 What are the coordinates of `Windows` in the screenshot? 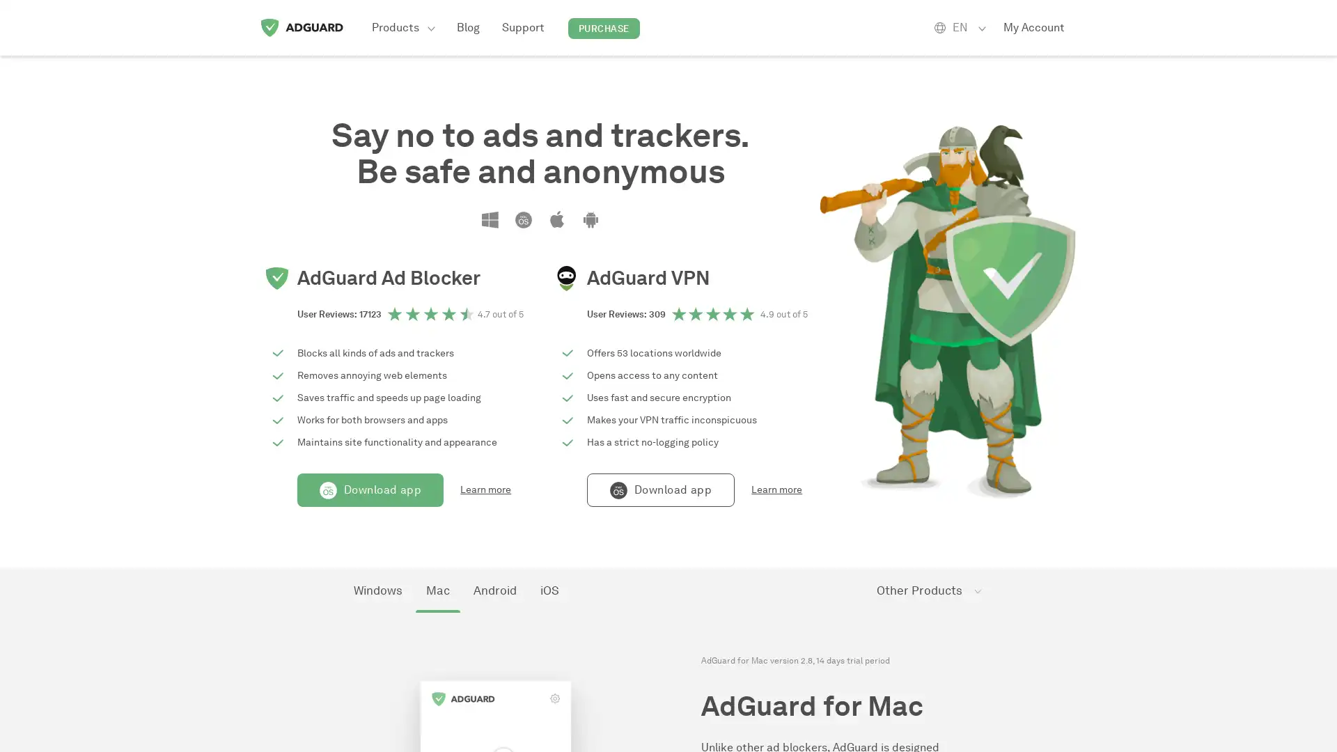 It's located at (377, 590).